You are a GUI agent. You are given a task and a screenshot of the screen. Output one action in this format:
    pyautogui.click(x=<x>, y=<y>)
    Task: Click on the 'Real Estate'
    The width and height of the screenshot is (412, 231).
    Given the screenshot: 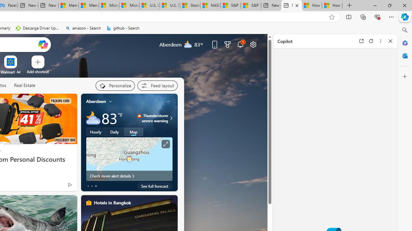 What is the action you would take?
    pyautogui.click(x=24, y=85)
    